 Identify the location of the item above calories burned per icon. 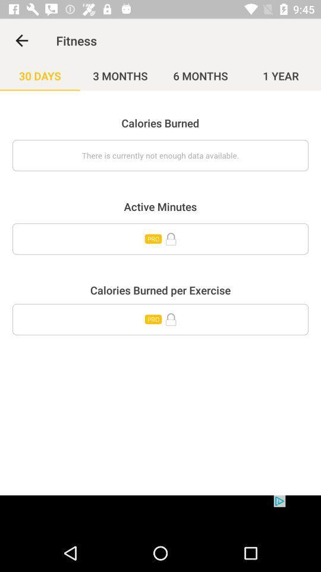
(160, 238).